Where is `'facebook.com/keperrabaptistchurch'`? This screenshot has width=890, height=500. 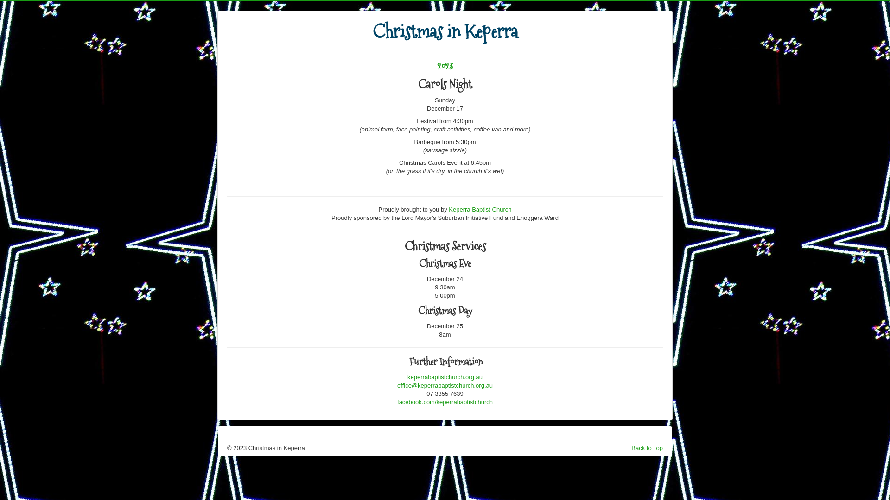
'facebook.com/keperrabaptistchurch' is located at coordinates (445, 401).